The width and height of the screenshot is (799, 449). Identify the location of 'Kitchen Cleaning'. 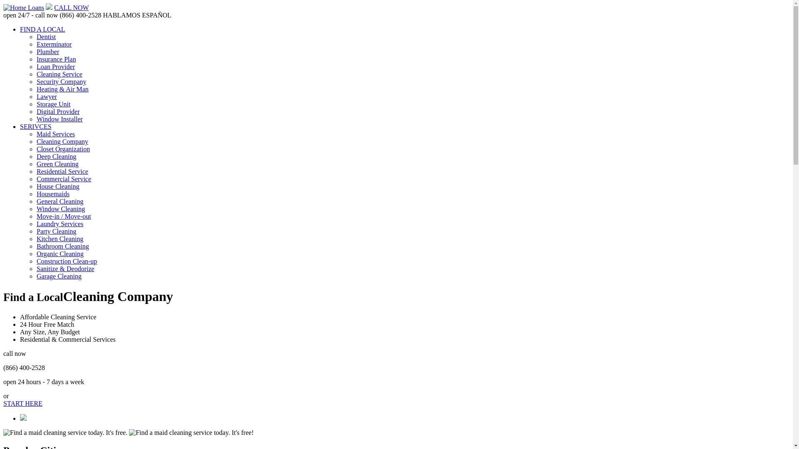
(60, 239).